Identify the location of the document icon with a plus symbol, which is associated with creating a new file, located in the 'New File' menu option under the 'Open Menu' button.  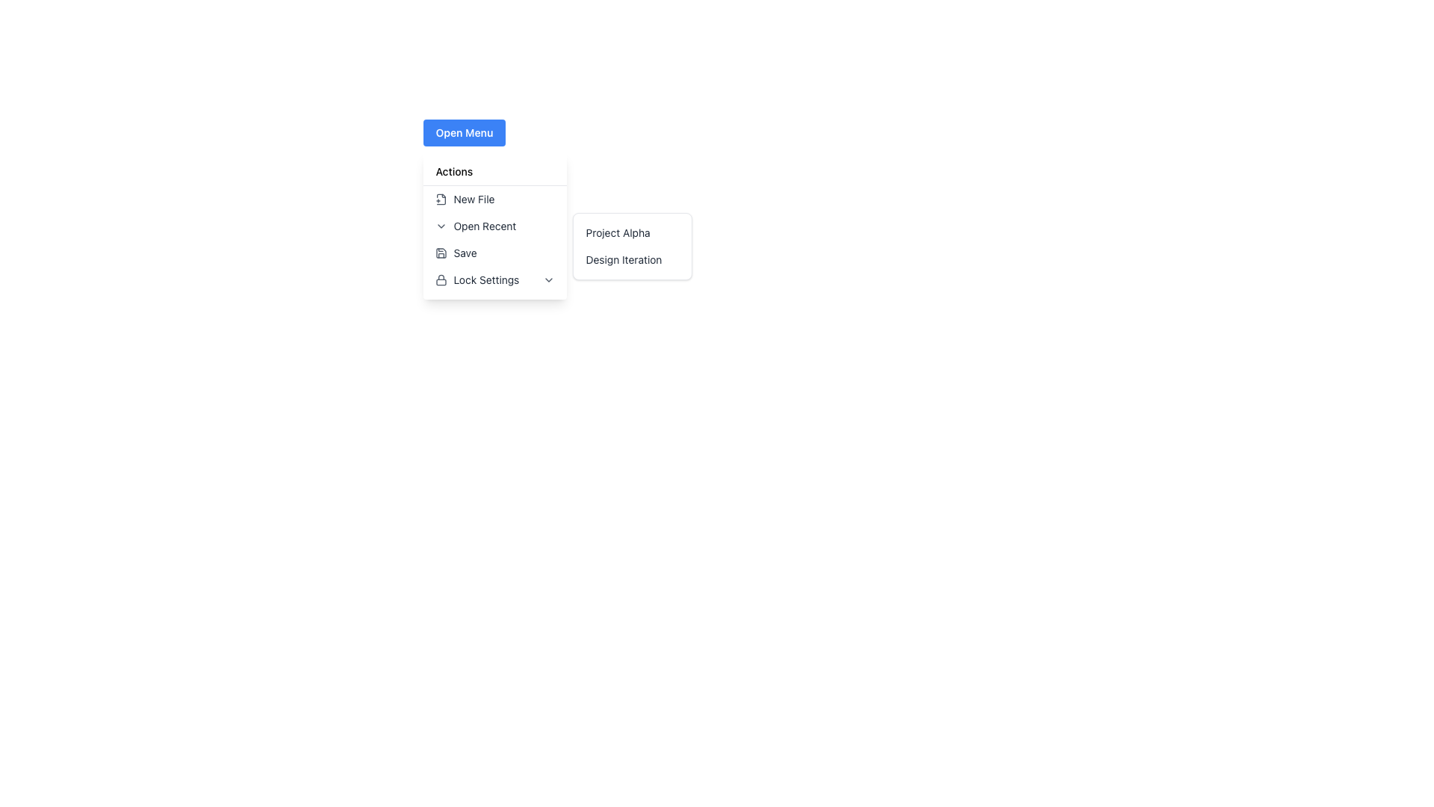
(441, 198).